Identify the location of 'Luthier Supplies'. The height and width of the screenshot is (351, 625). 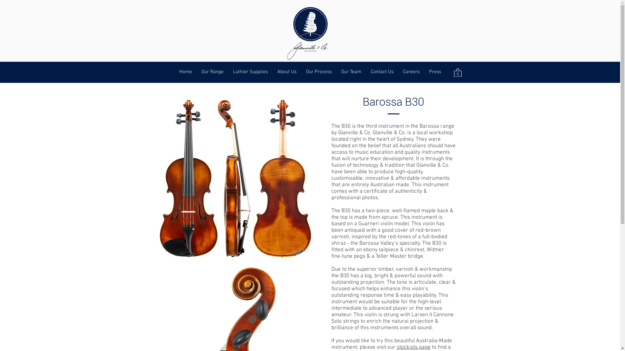
(250, 71).